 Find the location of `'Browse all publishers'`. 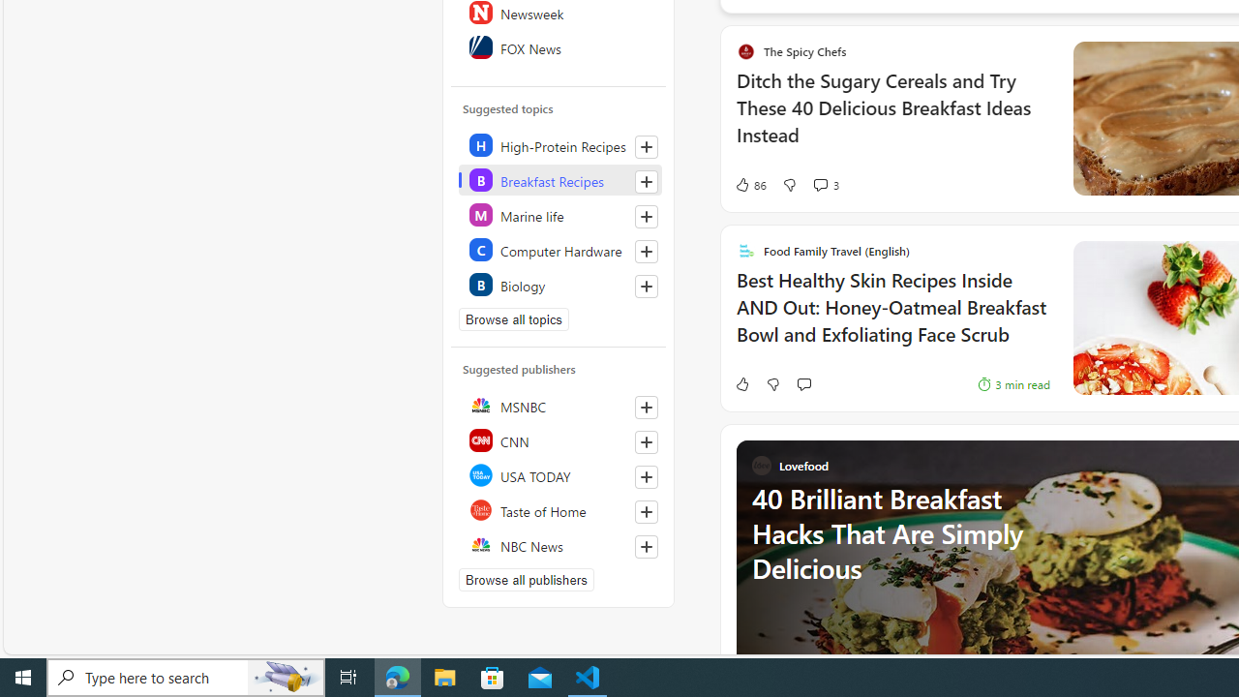

'Browse all publishers' is located at coordinates (527, 579).